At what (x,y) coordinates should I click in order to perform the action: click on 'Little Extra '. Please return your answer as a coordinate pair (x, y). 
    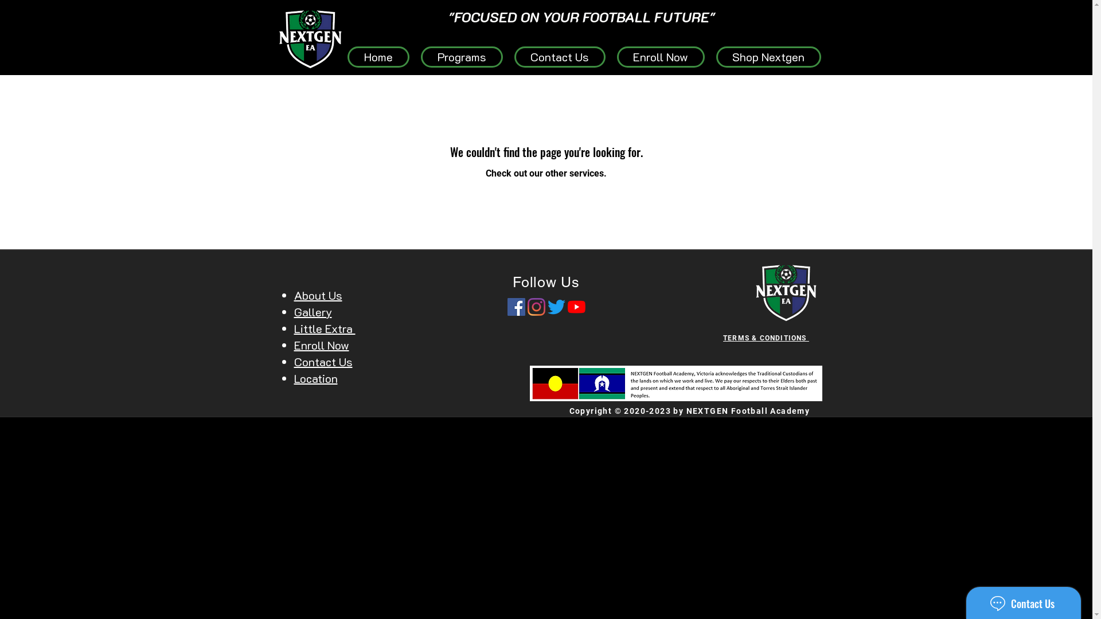
    Looking at the image, I should click on (323, 328).